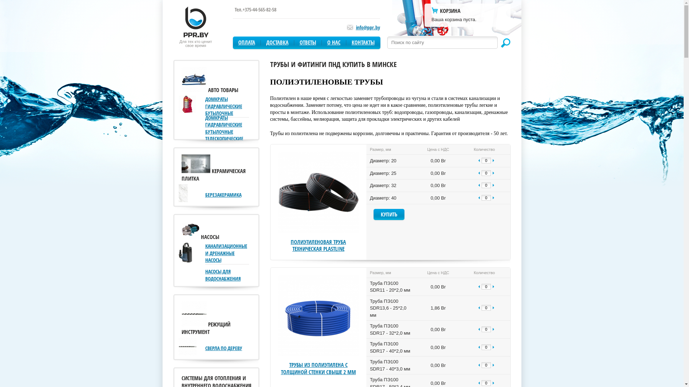 The height and width of the screenshot is (387, 689). I want to click on '+', so click(491, 330).